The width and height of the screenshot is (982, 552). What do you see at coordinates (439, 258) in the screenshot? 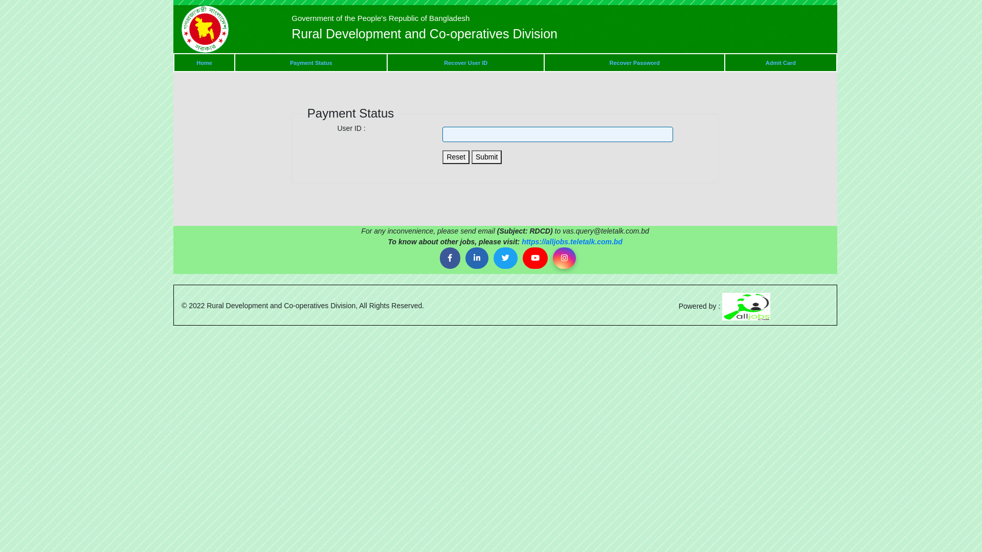
I see `'Facebook'` at bounding box center [439, 258].